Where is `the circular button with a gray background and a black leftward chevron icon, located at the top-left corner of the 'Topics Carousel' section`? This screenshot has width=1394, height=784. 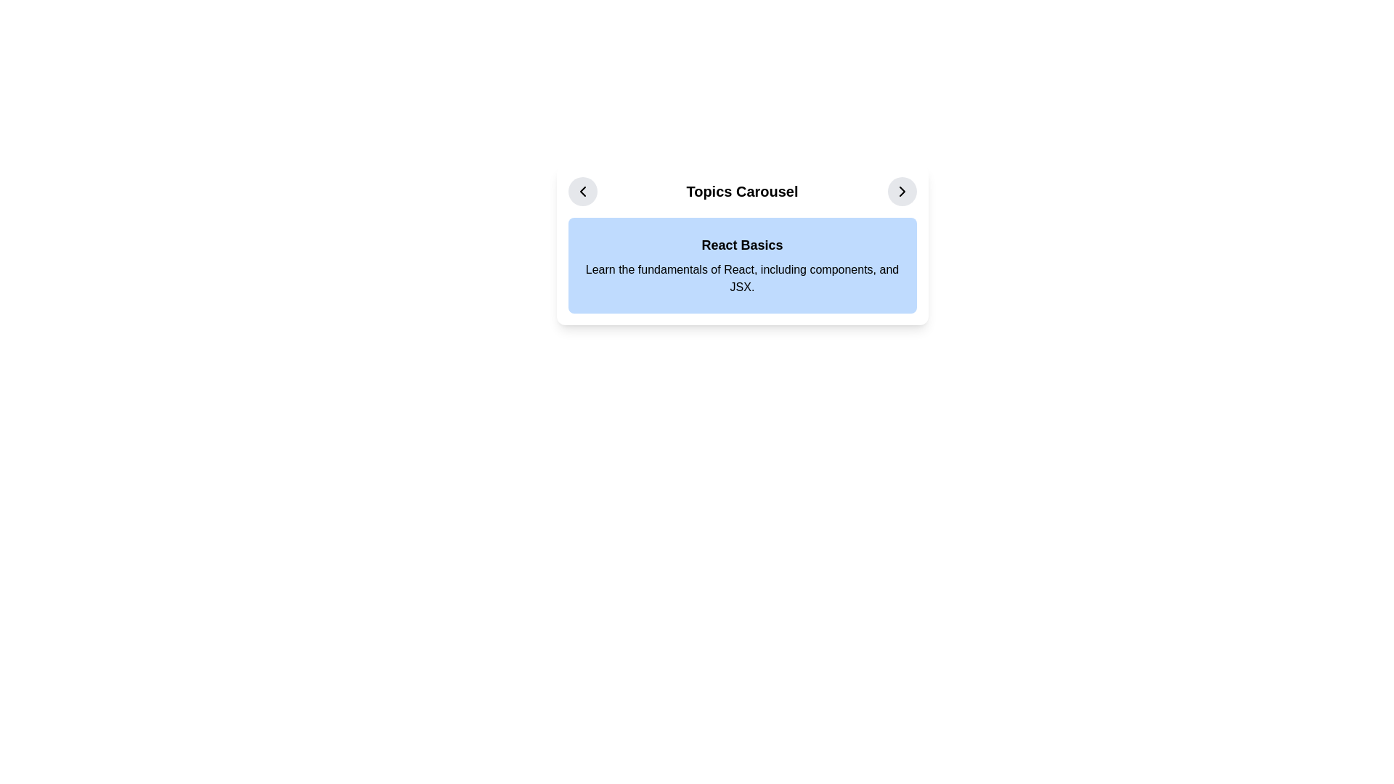 the circular button with a gray background and a black leftward chevron icon, located at the top-left corner of the 'Topics Carousel' section is located at coordinates (582, 190).